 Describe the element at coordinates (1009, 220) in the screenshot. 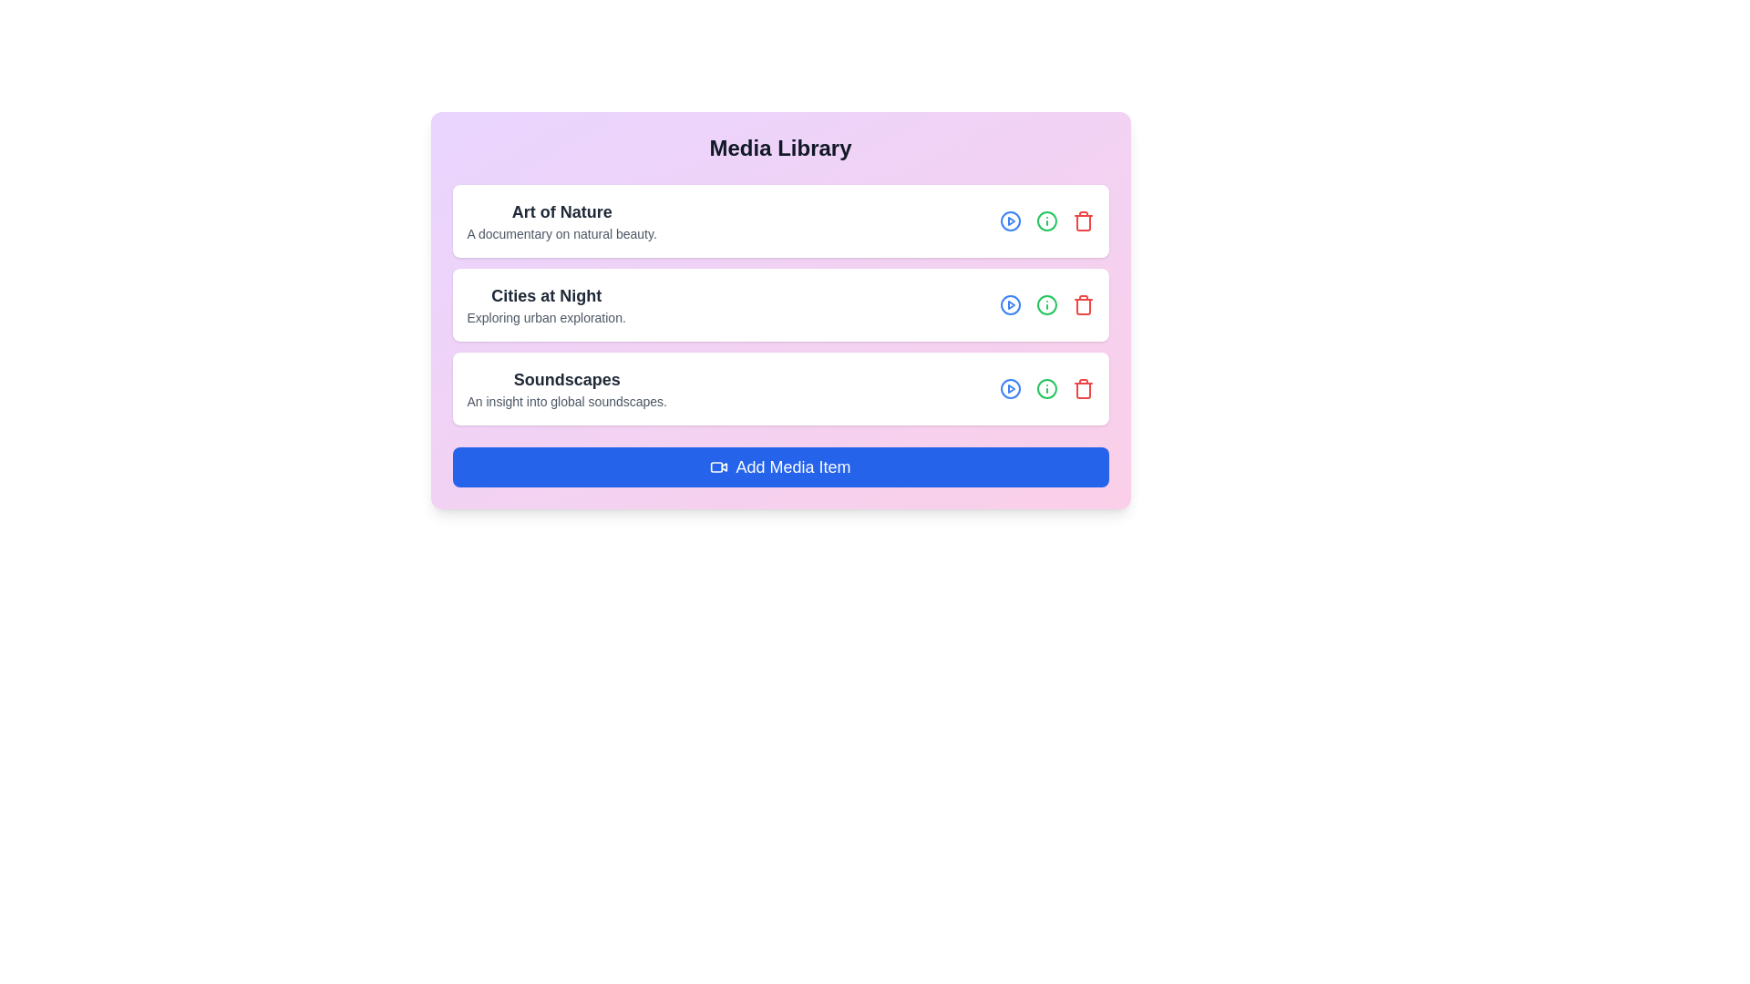

I see `the play icon for the media item titled 'Art of Nature'` at that location.